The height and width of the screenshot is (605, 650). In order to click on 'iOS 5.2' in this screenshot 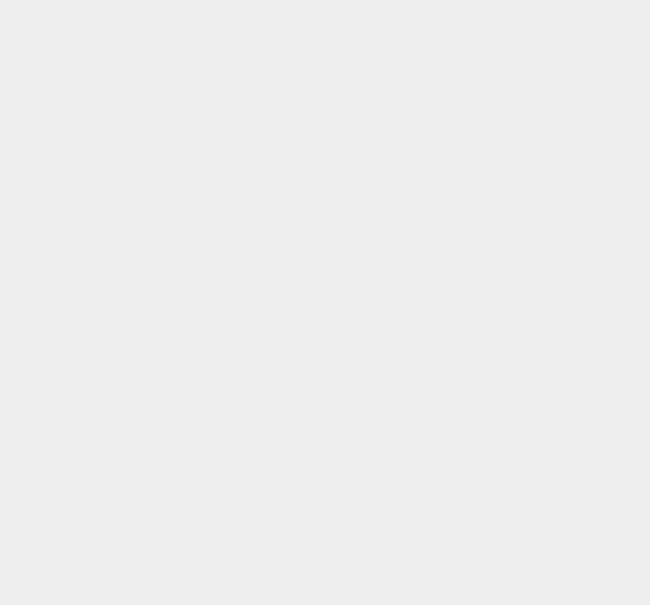, I will do `click(471, 206)`.